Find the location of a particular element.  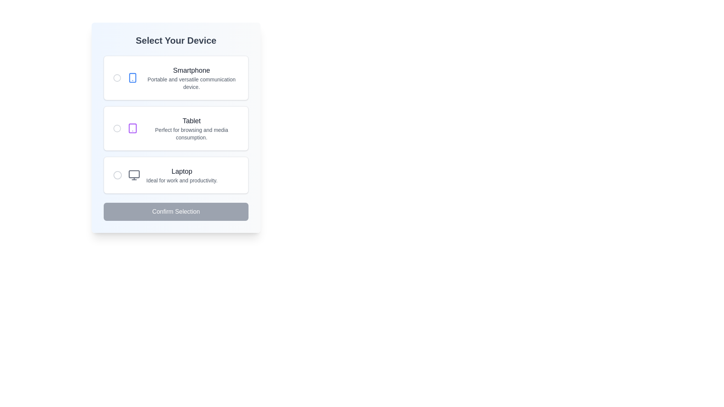

the first selectable panel titled 'Smartphone' is located at coordinates (175, 78).